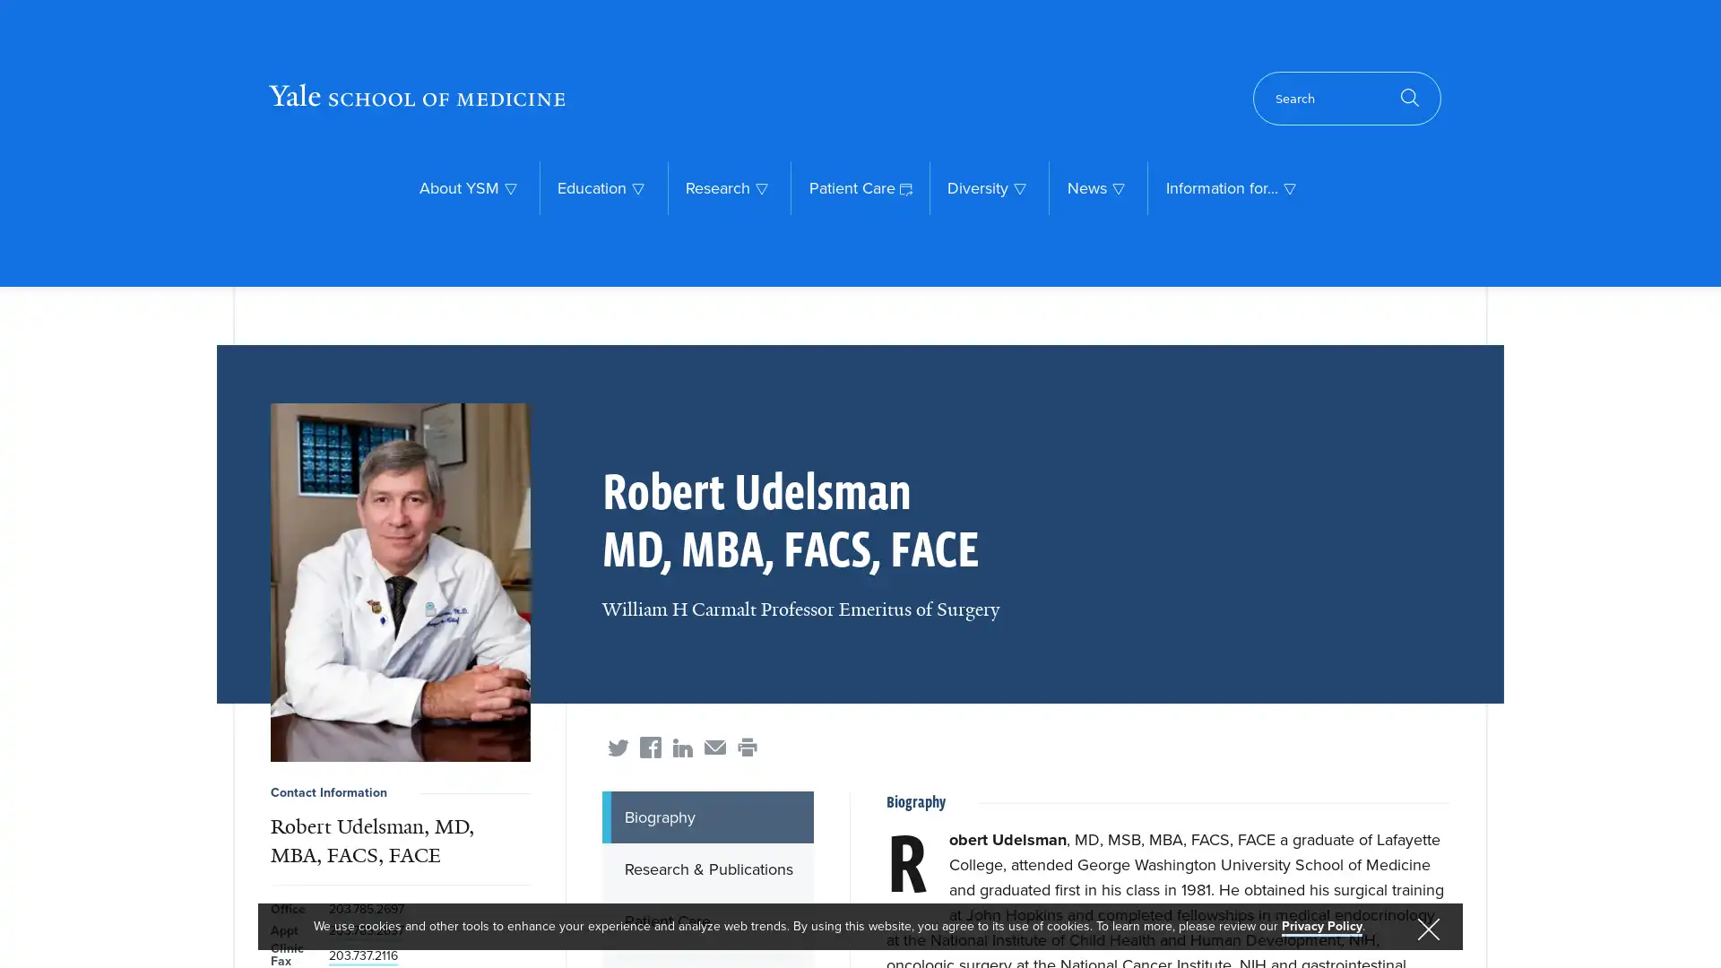 The width and height of the screenshot is (1721, 968). I want to click on Show Information for... submenu, so click(1289, 187).